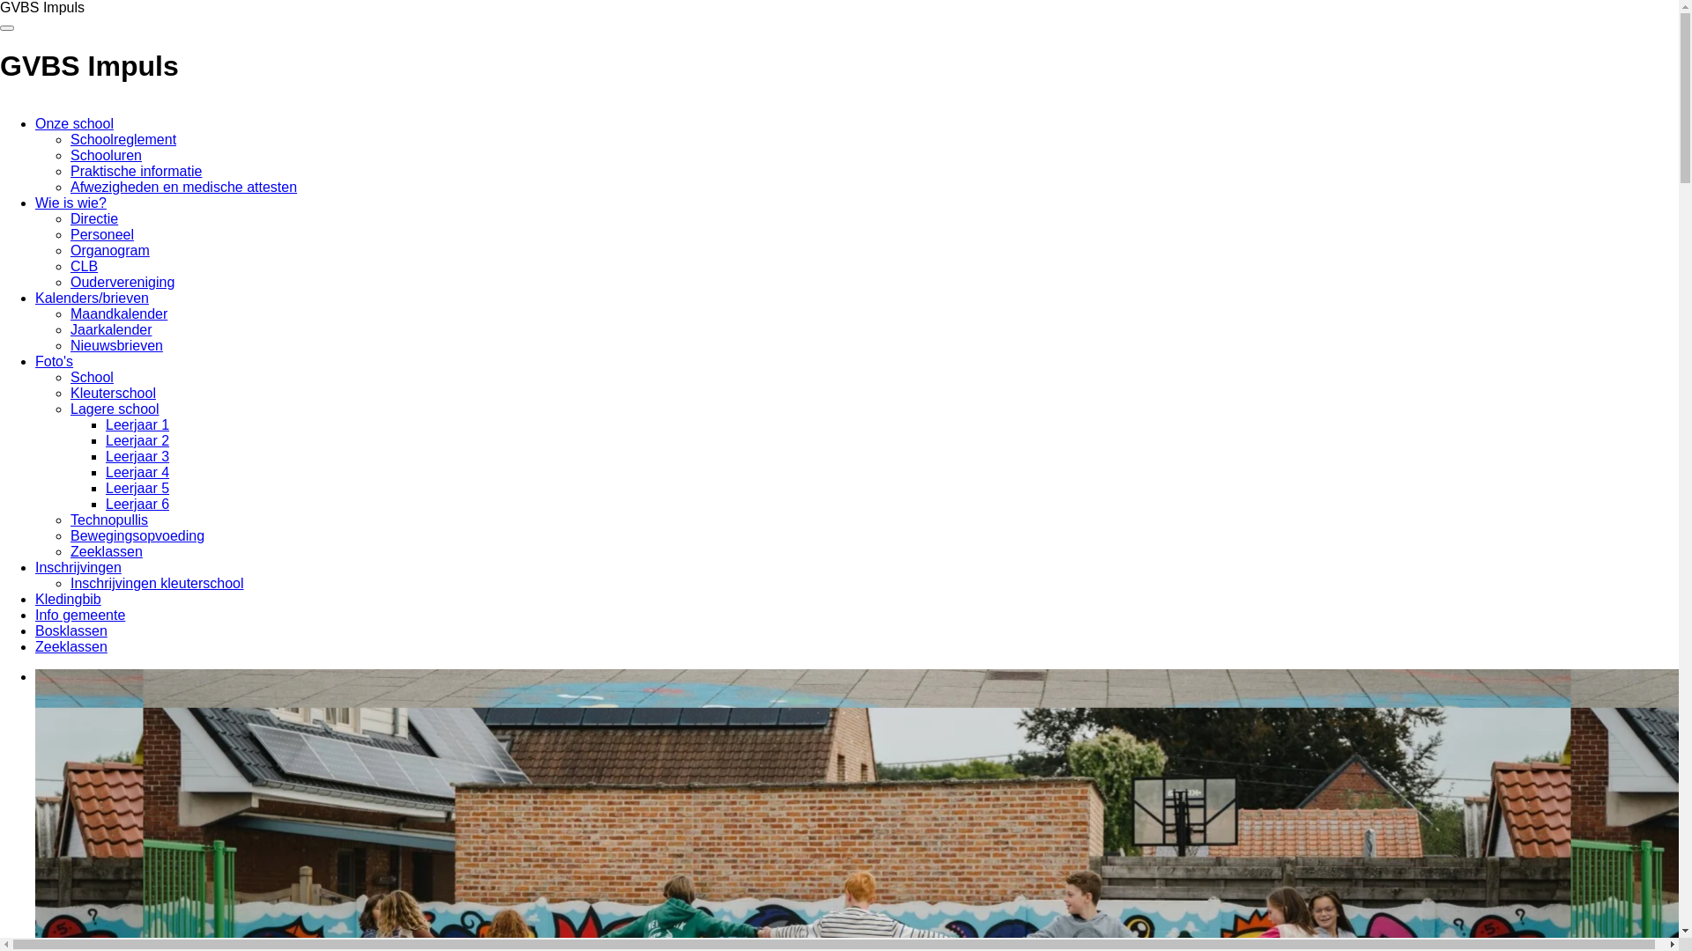 The height and width of the screenshot is (951, 1692). I want to click on 'Onze school', so click(73, 122).